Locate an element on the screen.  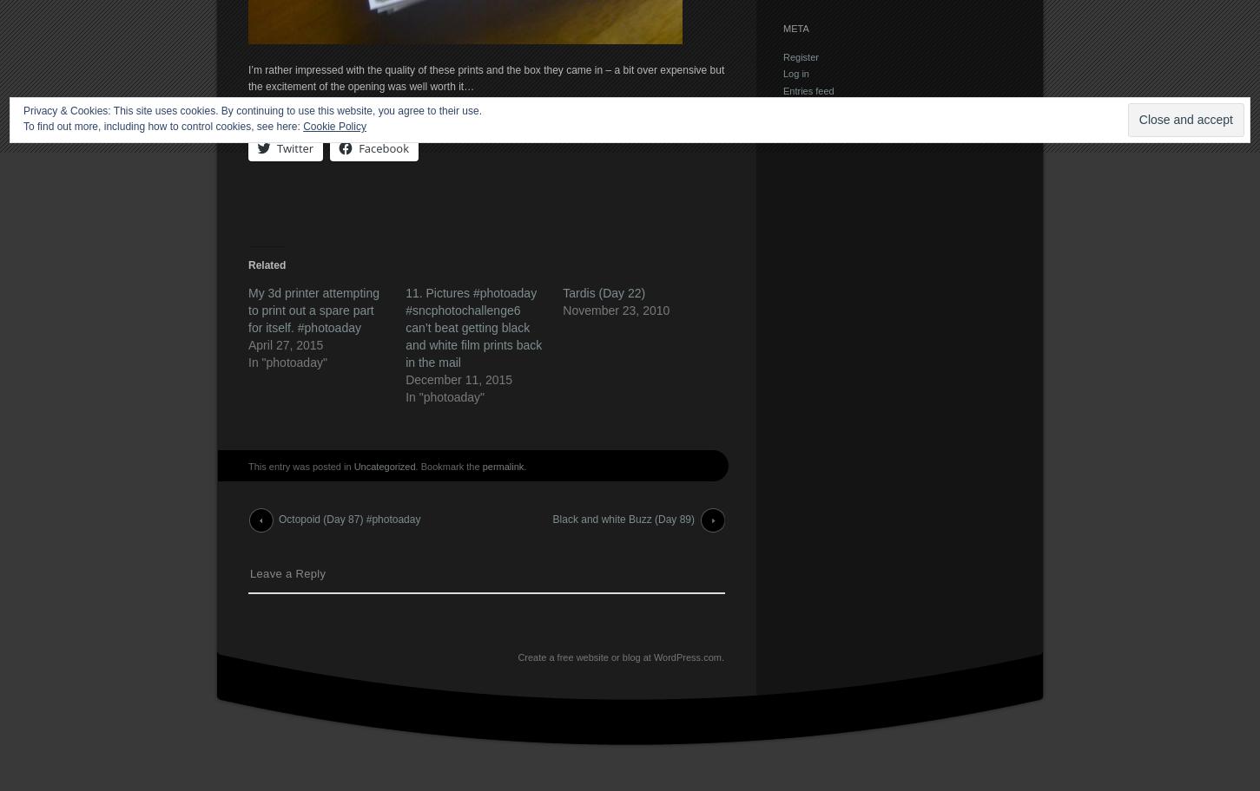
'Facebook' is located at coordinates (382, 148).